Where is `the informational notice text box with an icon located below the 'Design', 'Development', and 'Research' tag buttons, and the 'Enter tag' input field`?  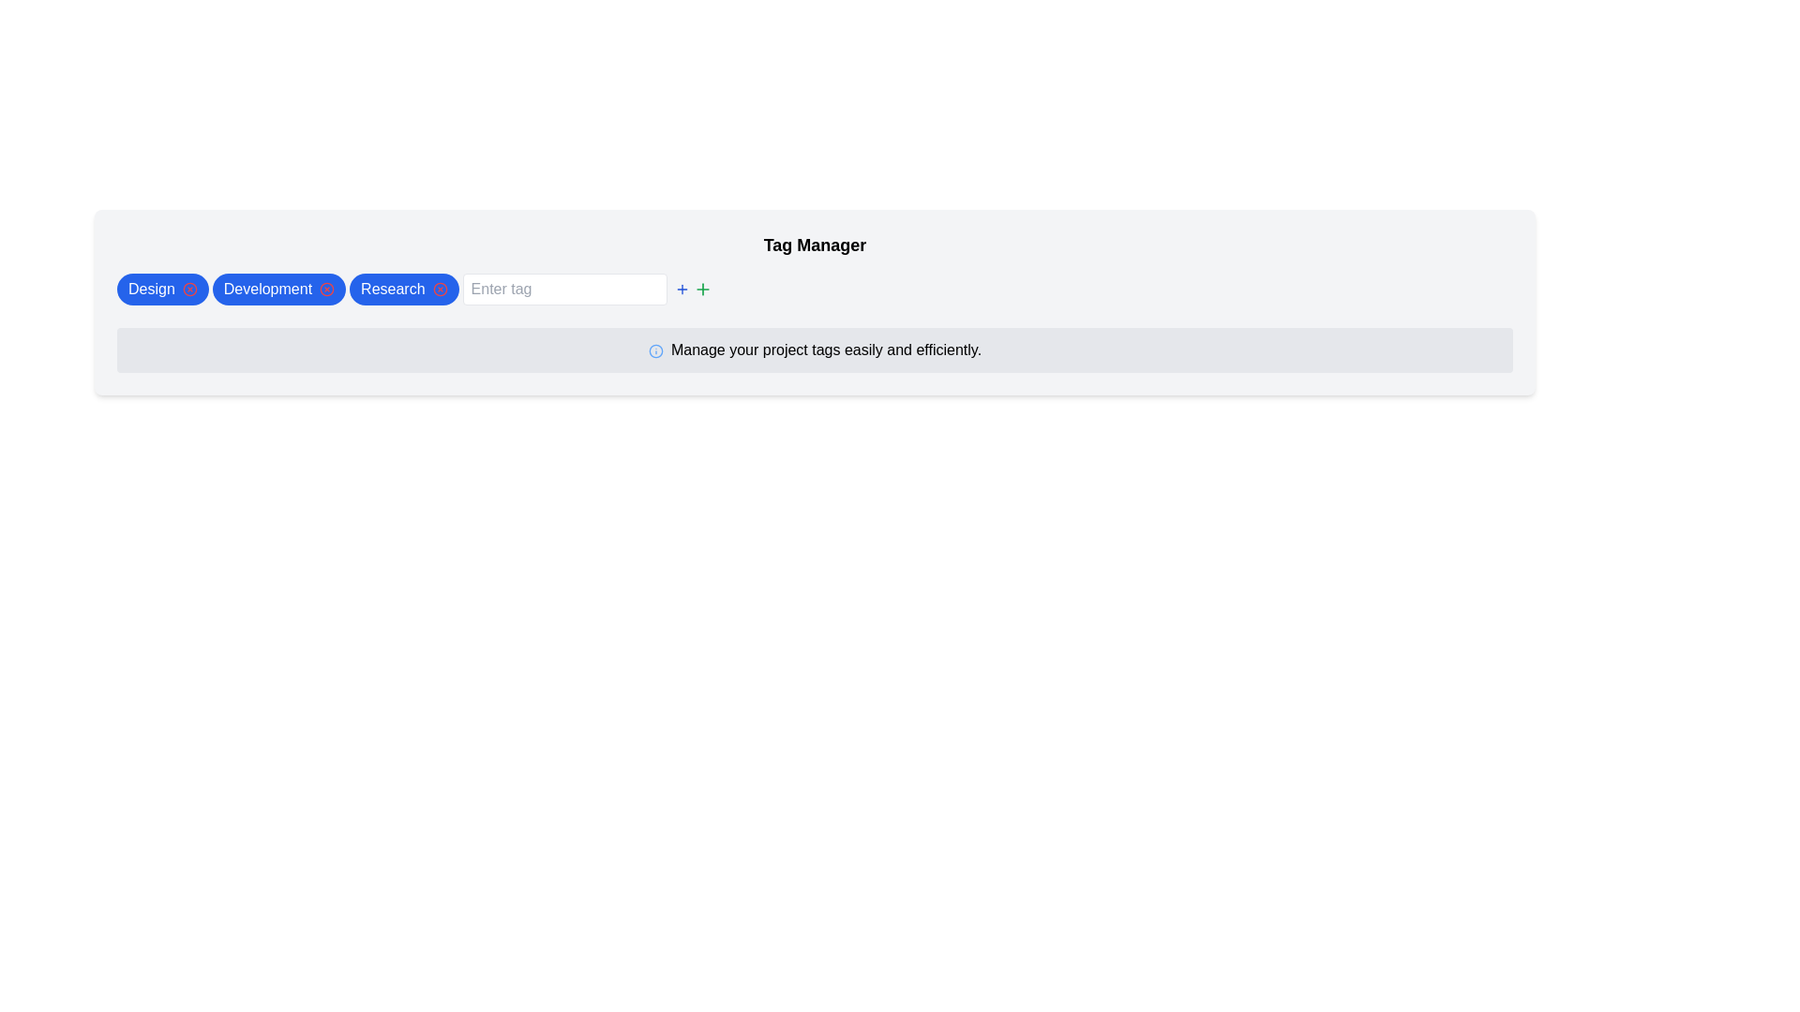 the informational notice text box with an icon located below the 'Design', 'Development', and 'Research' tag buttons, and the 'Enter tag' input field is located at coordinates (815, 350).